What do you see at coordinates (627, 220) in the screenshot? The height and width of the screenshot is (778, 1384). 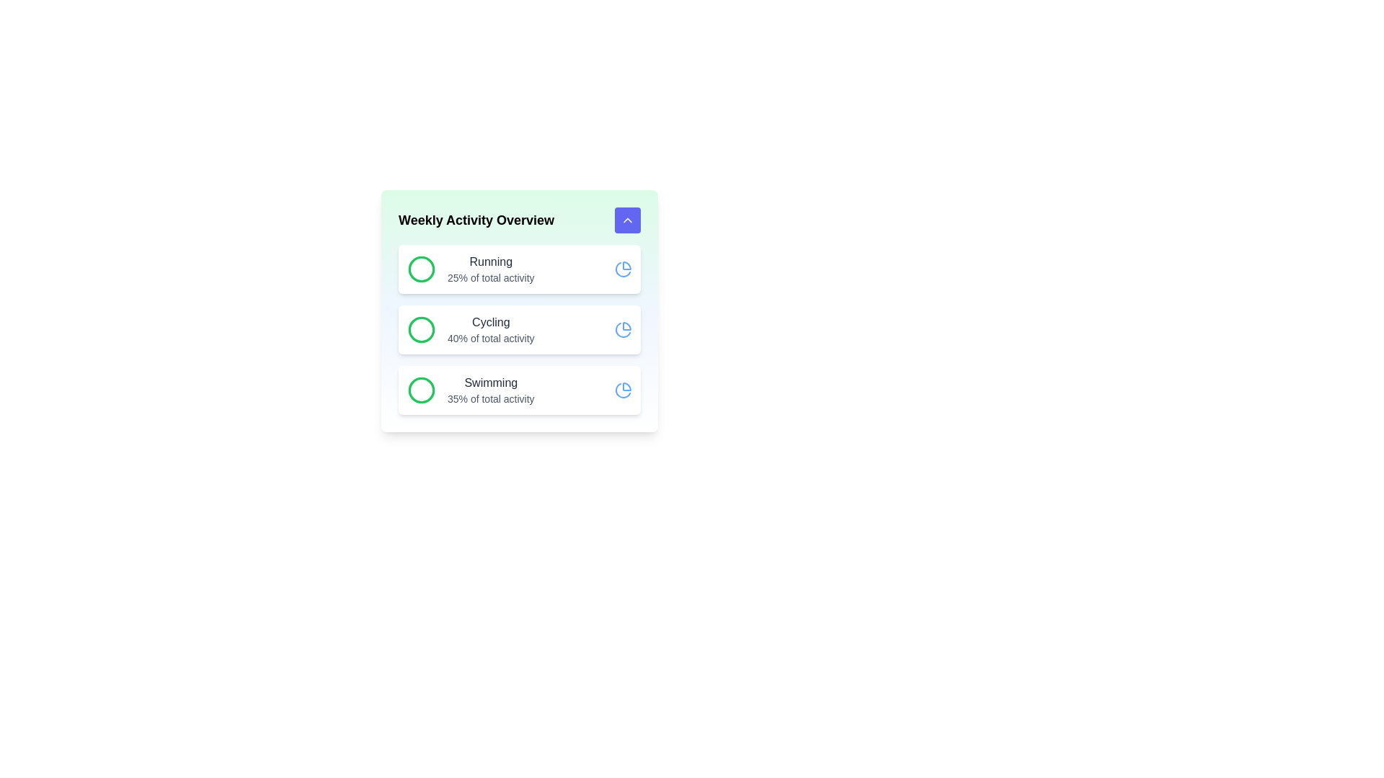 I see `the chevron-up icon within the rounded Indigo-blue button located at the top-right corner of the 'Weekly Activity Overview' card` at bounding box center [627, 220].